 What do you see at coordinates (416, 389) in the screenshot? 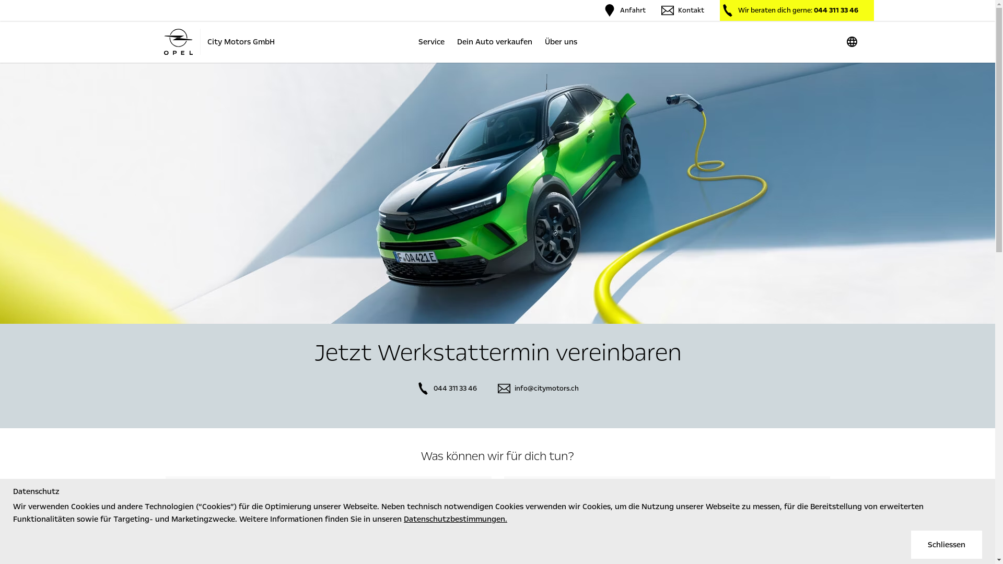
I see `'044 311 33 46'` at bounding box center [416, 389].